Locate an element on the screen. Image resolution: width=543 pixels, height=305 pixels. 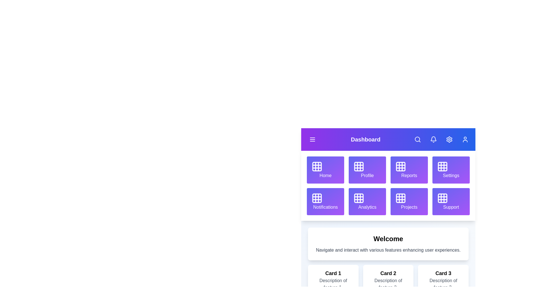
the search button to initiate a search is located at coordinates (418, 139).